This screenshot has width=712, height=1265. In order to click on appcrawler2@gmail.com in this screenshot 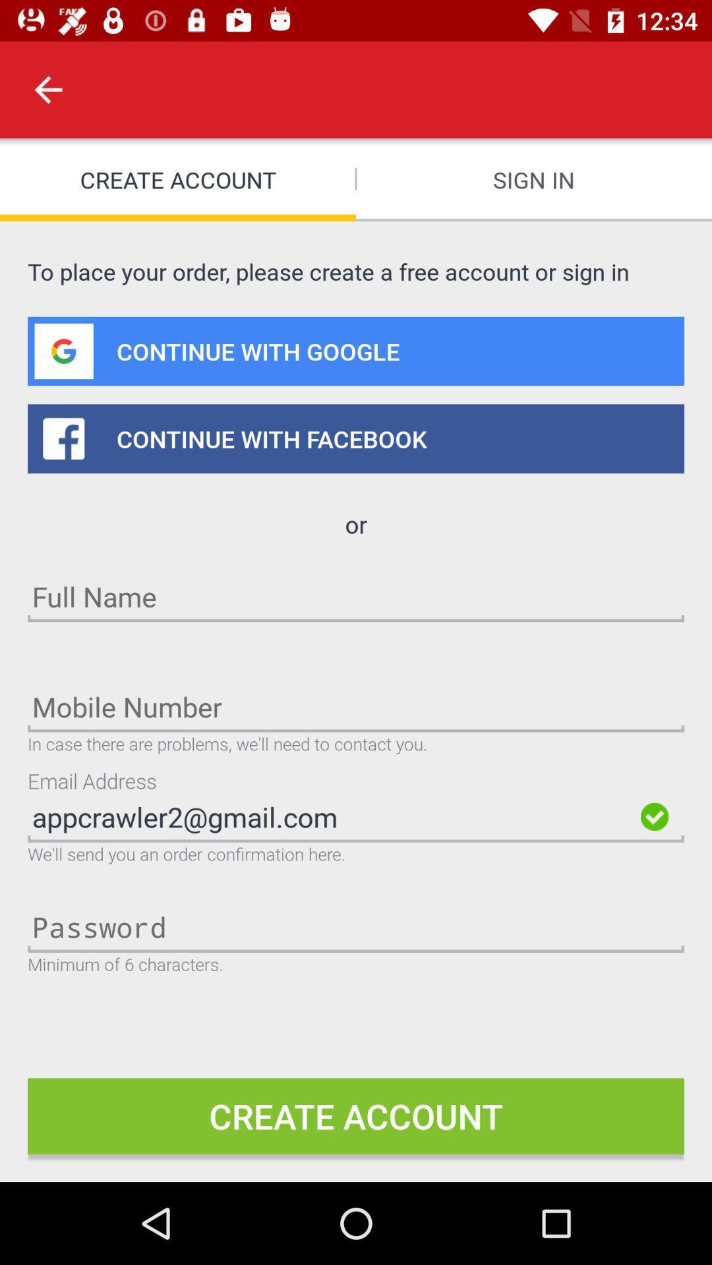, I will do `click(330, 816)`.